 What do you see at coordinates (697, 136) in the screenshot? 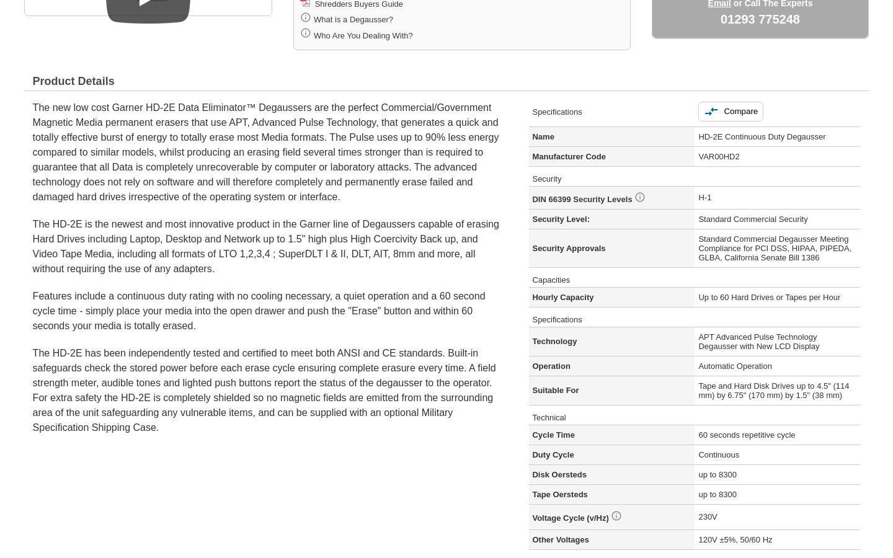
I see `'HD-2E Continuous Duty Degausser'` at bounding box center [697, 136].